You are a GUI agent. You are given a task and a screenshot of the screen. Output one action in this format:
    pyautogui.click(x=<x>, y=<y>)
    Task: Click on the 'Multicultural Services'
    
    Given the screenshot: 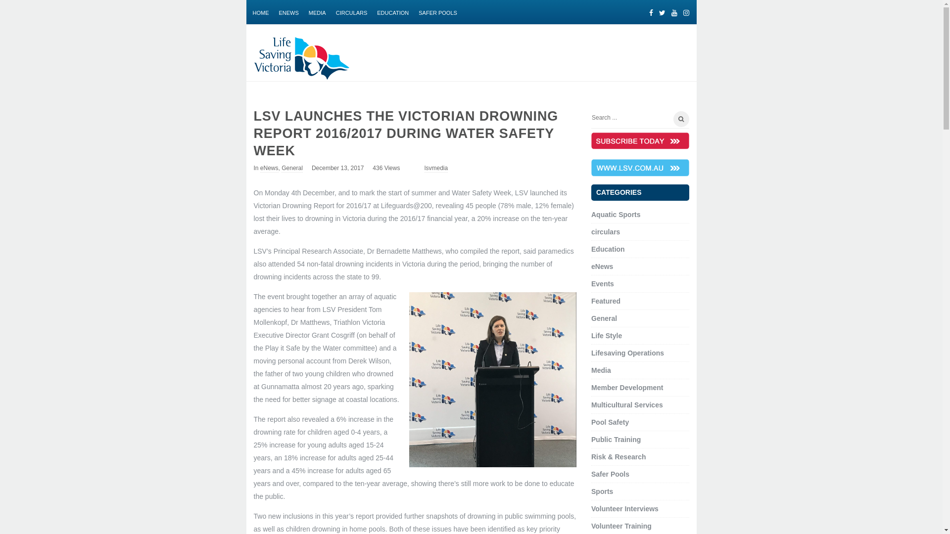 What is the action you would take?
    pyautogui.click(x=626, y=404)
    